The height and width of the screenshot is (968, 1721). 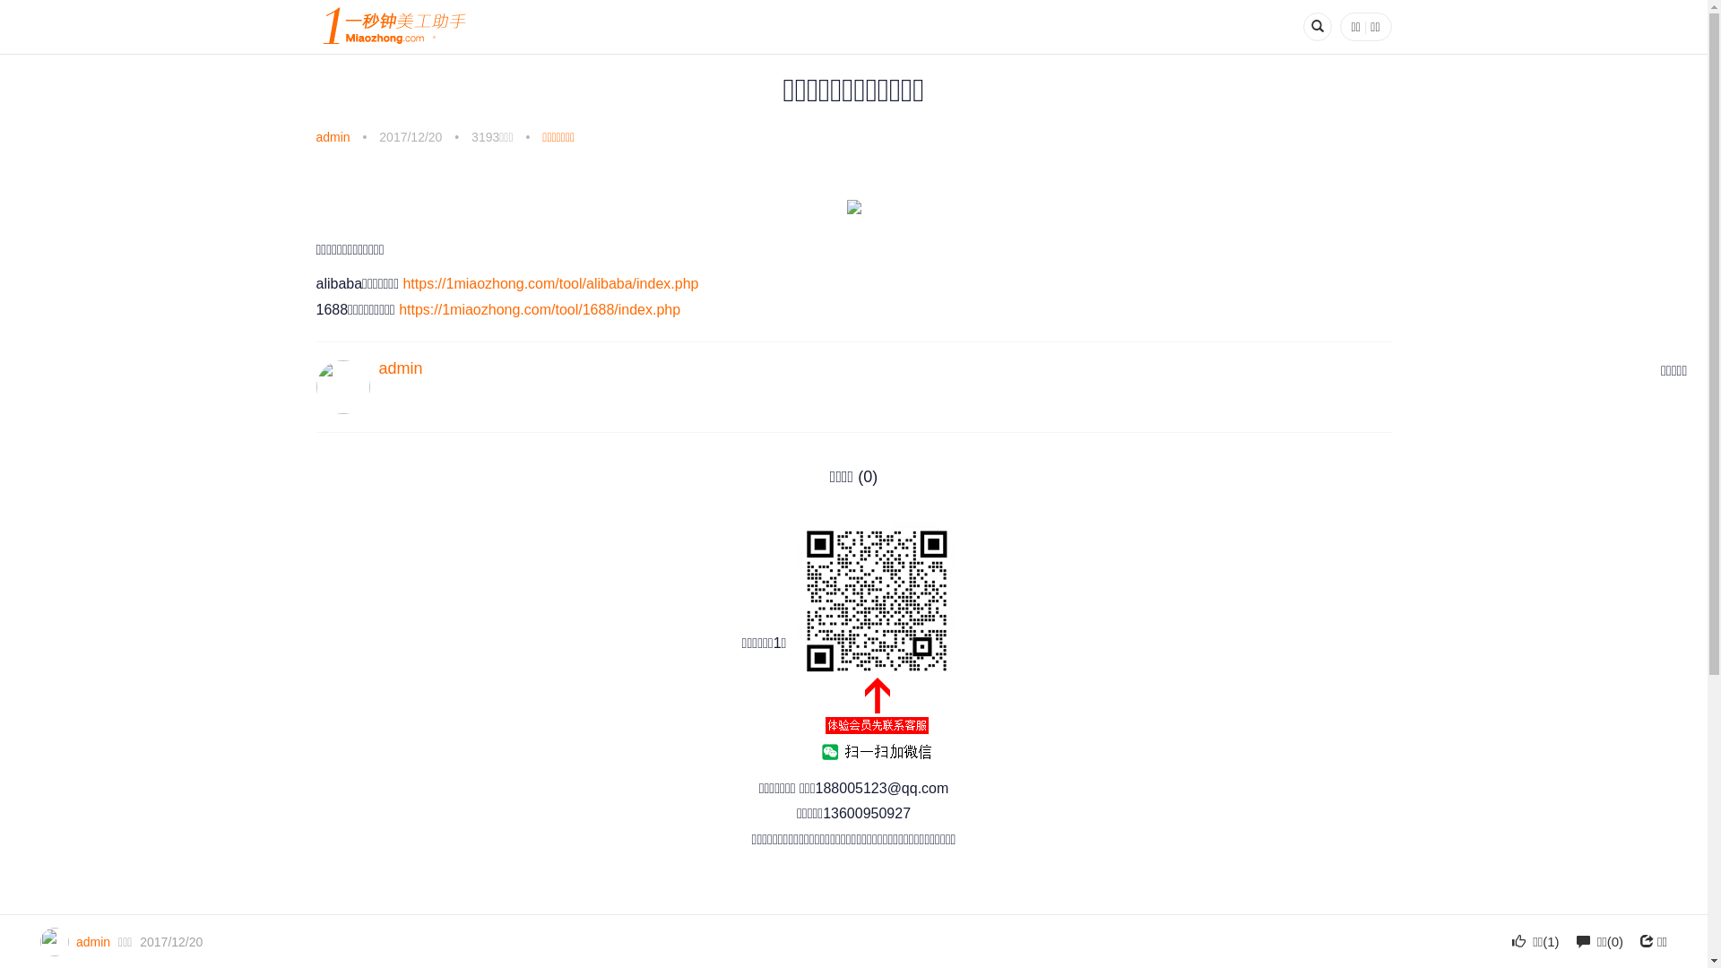 I want to click on 'admin', so click(x=332, y=136).